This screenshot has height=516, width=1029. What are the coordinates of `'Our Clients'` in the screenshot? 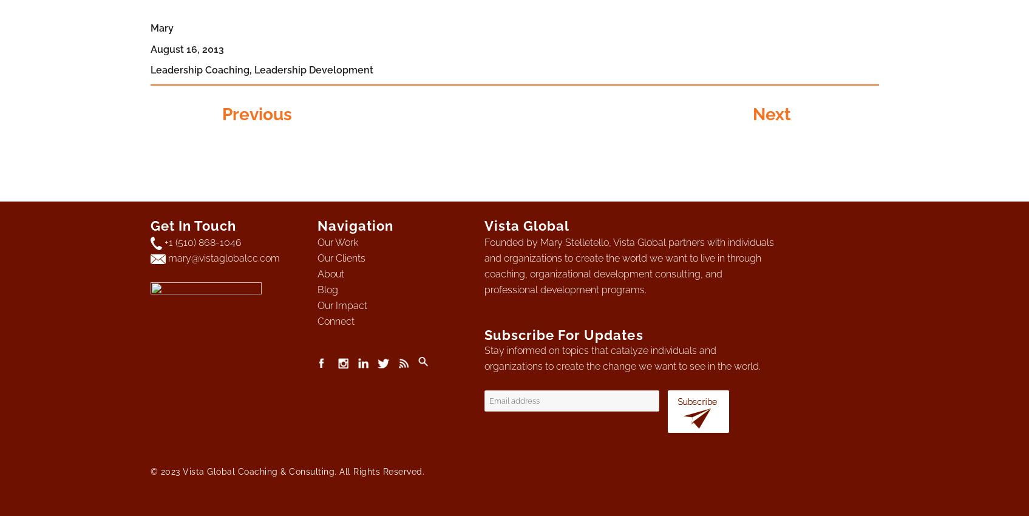 It's located at (341, 258).